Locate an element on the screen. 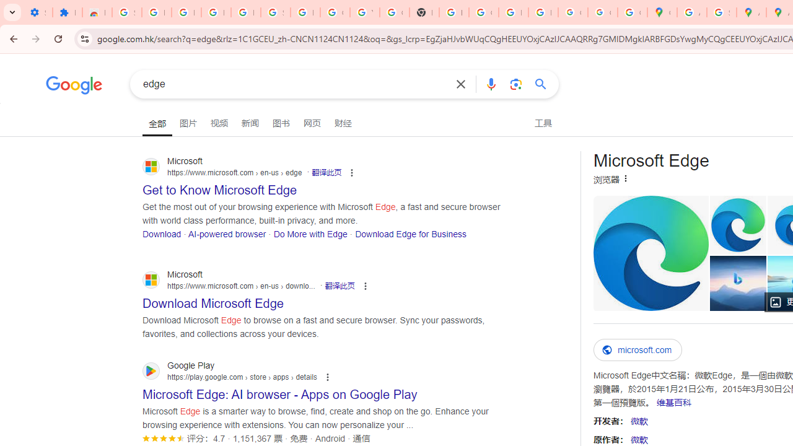  'AI-powered browser' is located at coordinates (227, 234).